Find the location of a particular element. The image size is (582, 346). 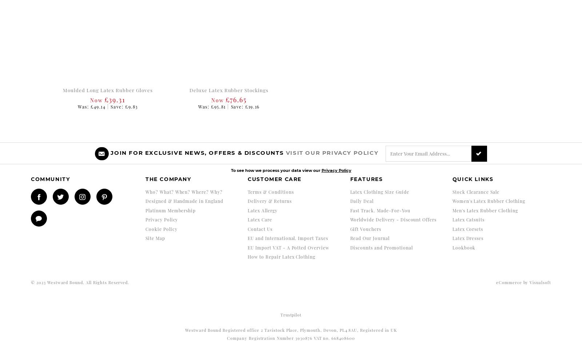

'EU and International. Import Taxes' is located at coordinates (288, 238).